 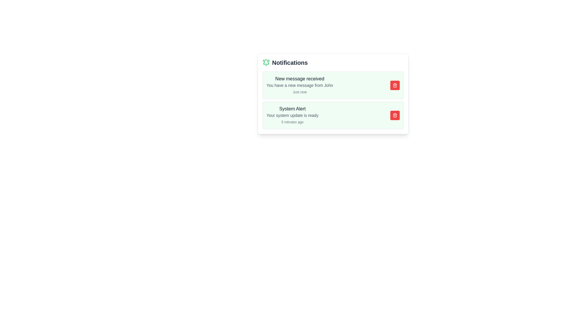 I want to click on the notification bell icon, which is styled with a green outline and sound wave strokes, located in the title bar labeled 'Notifications', so click(x=266, y=62).